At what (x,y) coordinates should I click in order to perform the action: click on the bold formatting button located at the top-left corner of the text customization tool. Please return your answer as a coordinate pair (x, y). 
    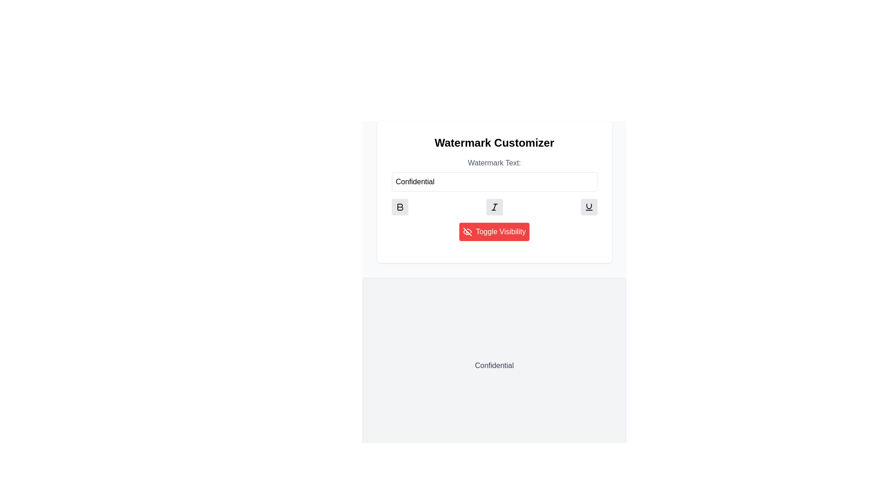
    Looking at the image, I should click on (400, 207).